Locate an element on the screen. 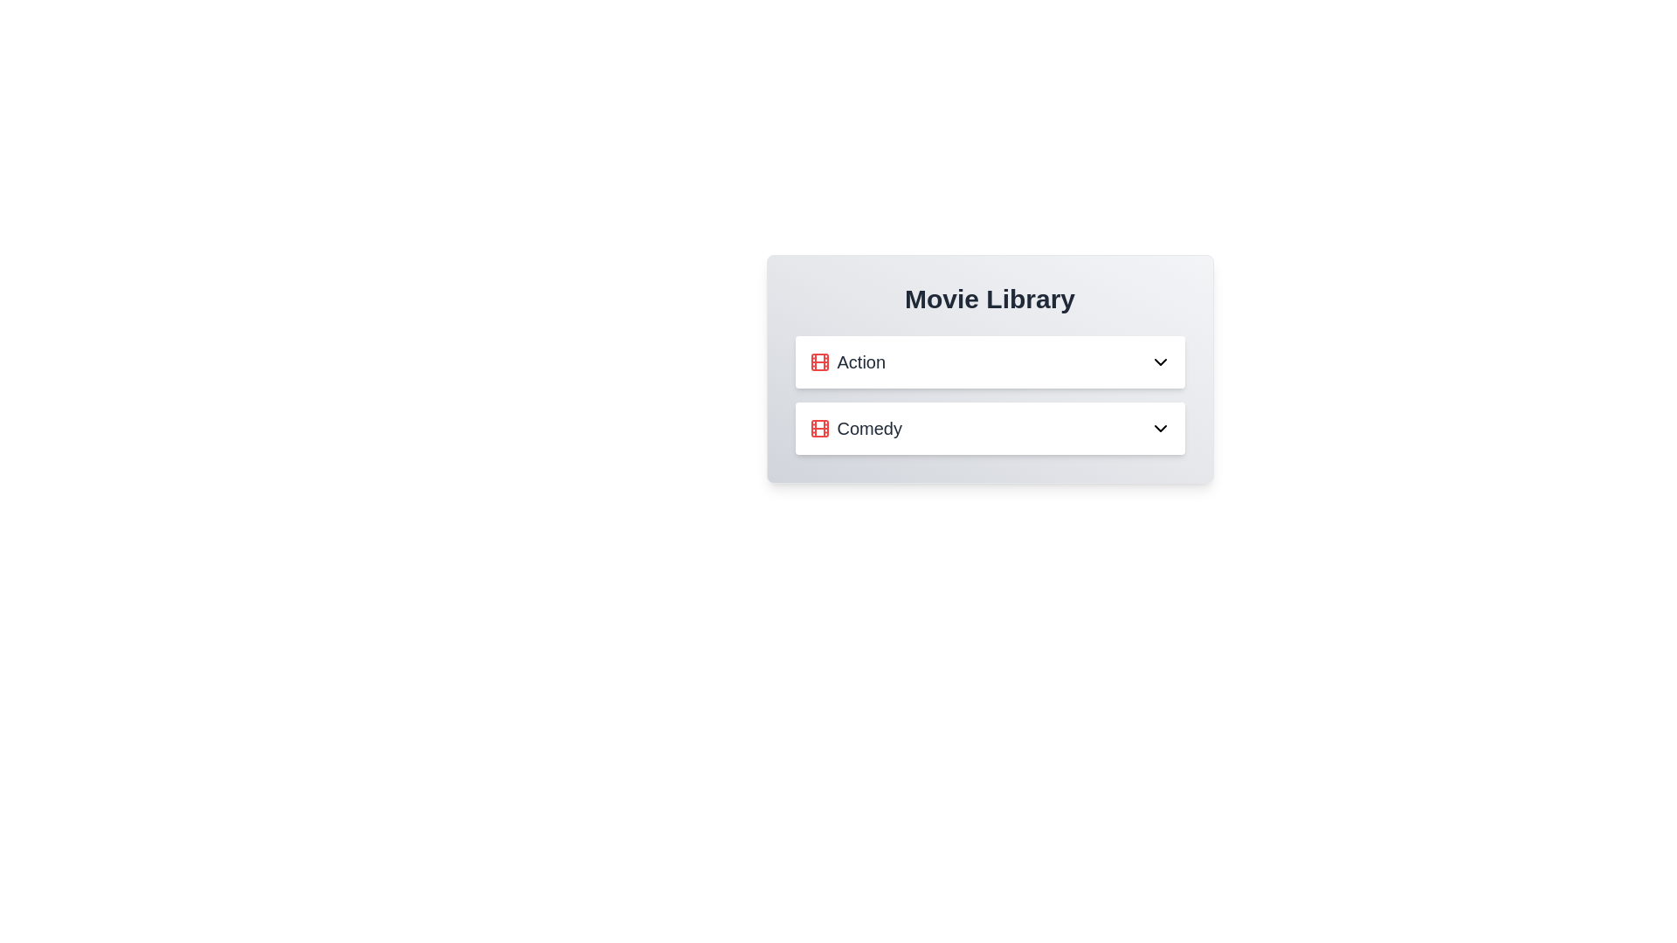 The width and height of the screenshot is (1677, 943). the Comedy Button to observe the hover effect is located at coordinates (990, 428).